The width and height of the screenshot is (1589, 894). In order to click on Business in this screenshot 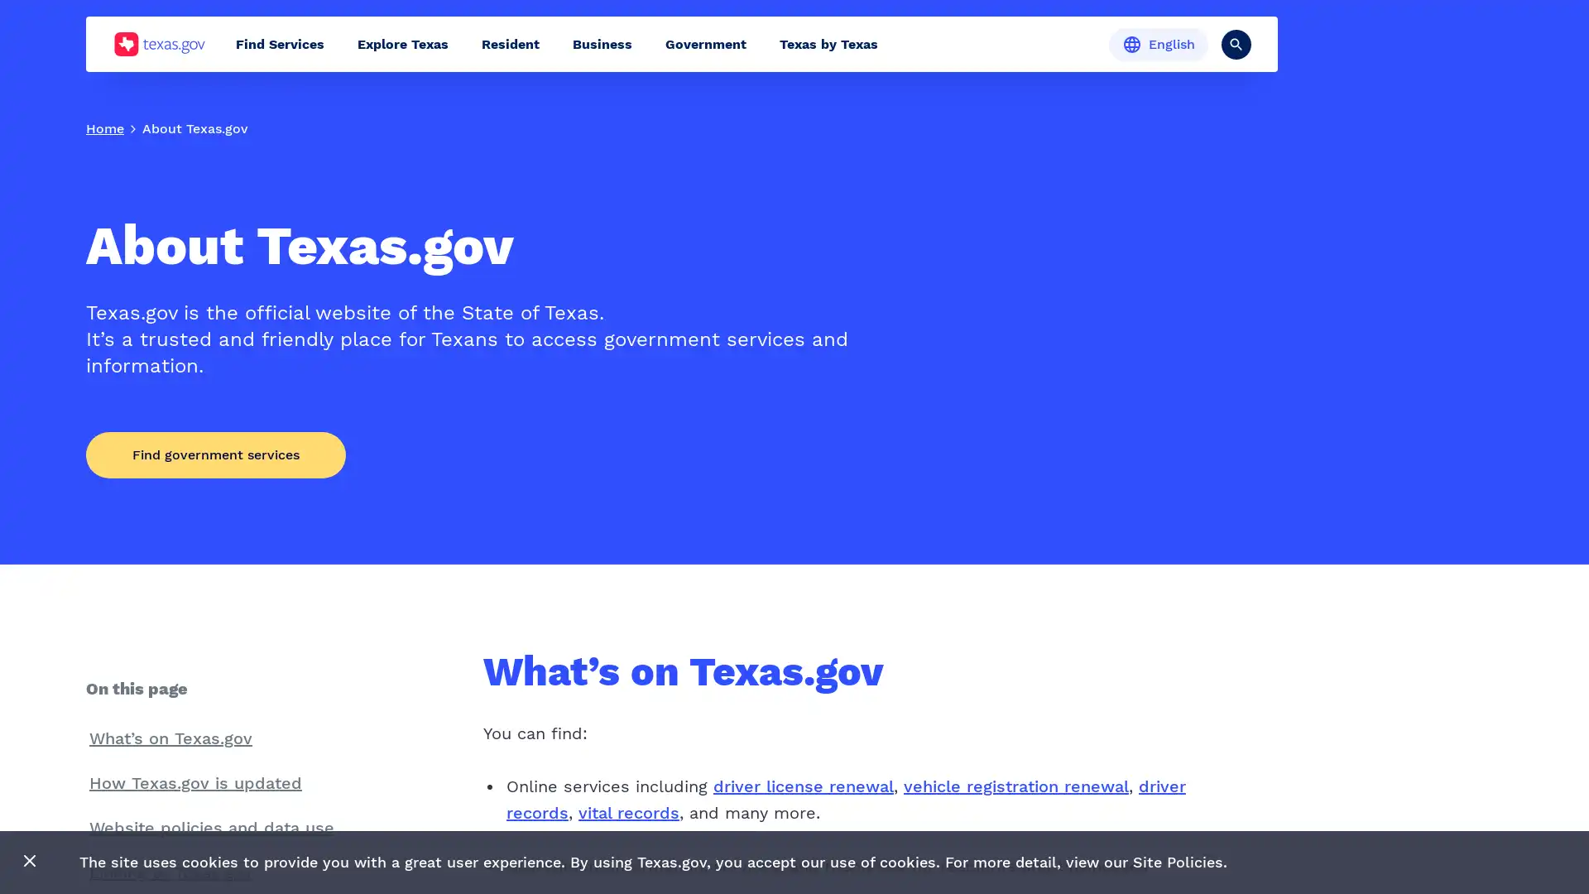, I will do `click(602, 43)`.